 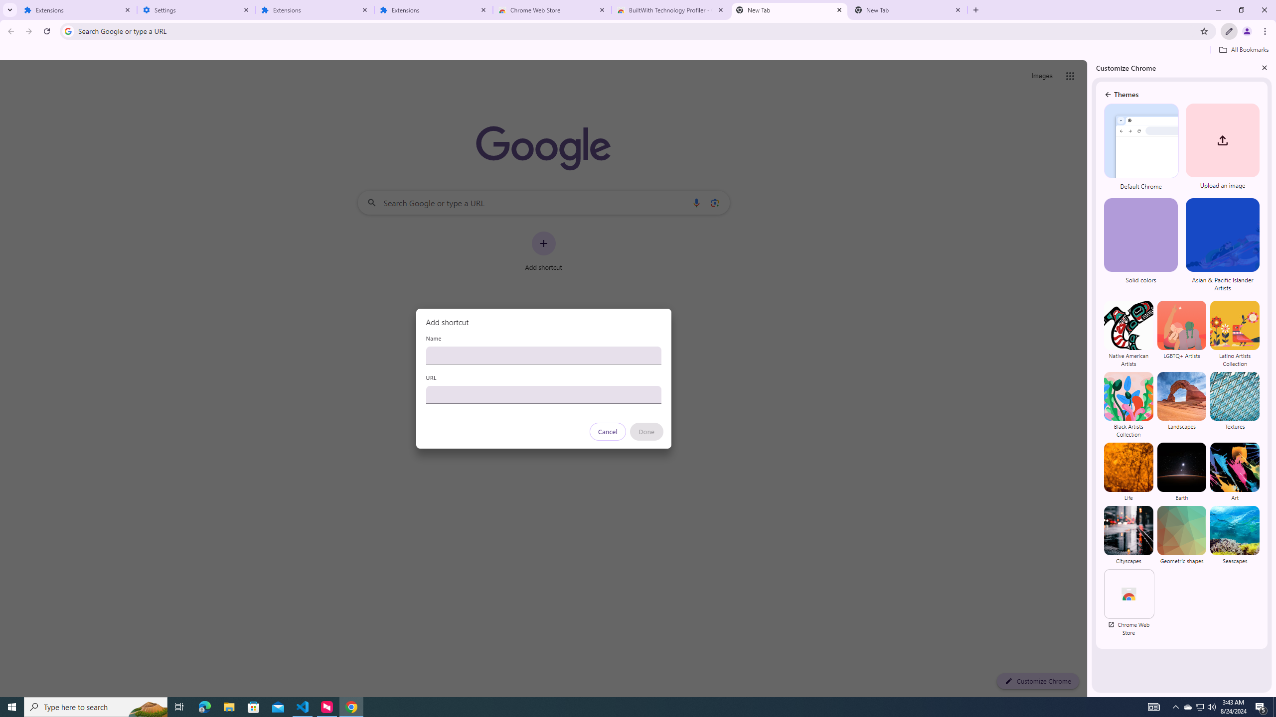 What do you see at coordinates (543, 394) in the screenshot?
I see `'URL'` at bounding box center [543, 394].